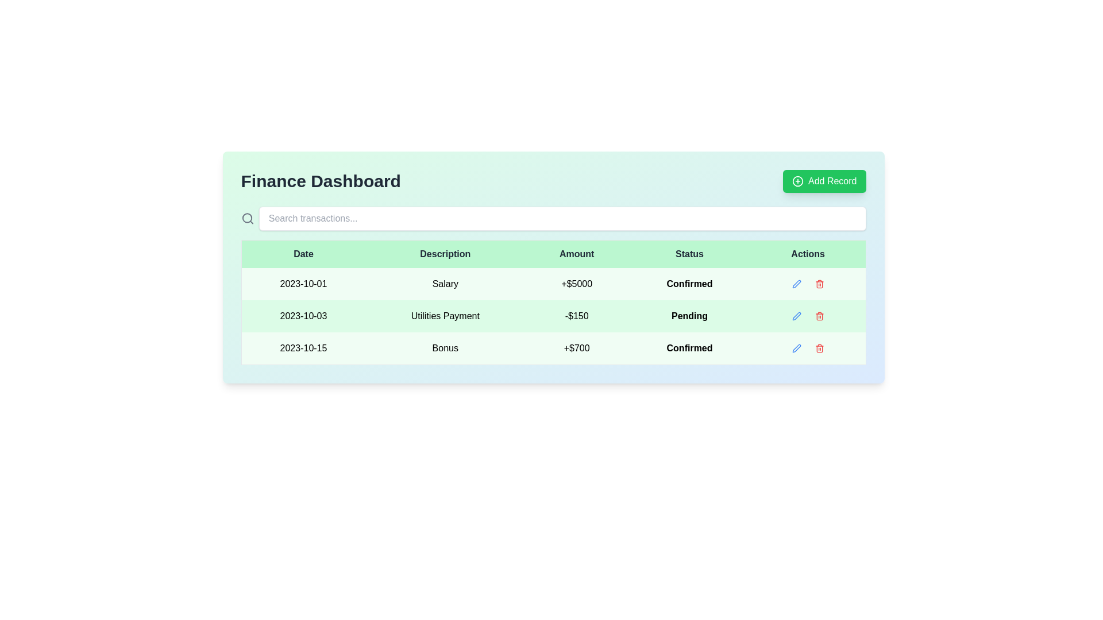 This screenshot has width=1103, height=620. I want to click on the second row of the data table in the financial dashboard, so click(553, 316).